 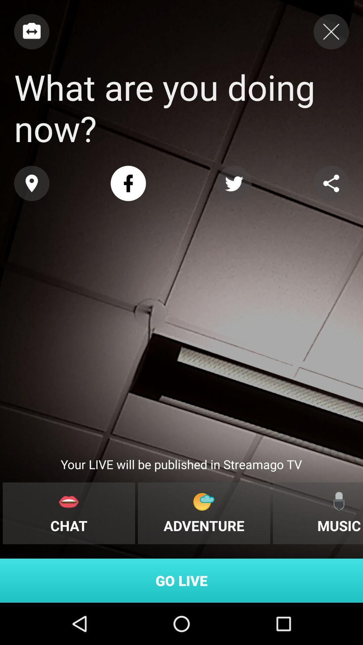 What do you see at coordinates (32, 183) in the screenshot?
I see `share your location` at bounding box center [32, 183].